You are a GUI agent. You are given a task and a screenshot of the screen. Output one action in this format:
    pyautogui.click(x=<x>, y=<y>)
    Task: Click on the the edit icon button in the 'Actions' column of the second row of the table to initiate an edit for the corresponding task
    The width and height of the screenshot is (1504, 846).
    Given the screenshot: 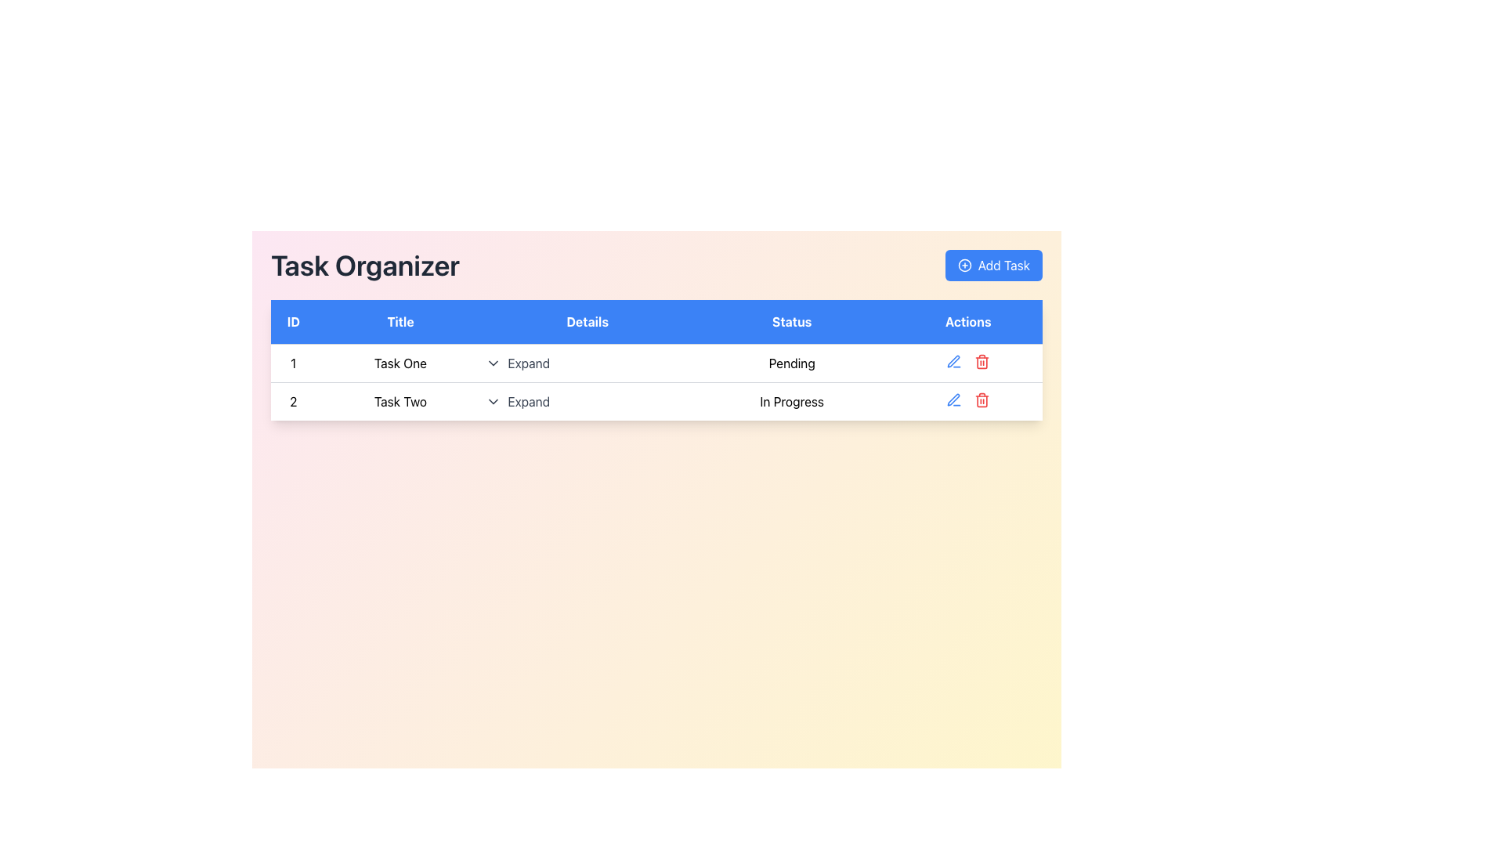 What is the action you would take?
    pyautogui.click(x=953, y=361)
    